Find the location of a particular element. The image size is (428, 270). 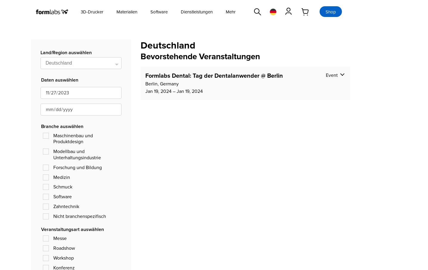

'Workshop' is located at coordinates (53, 257).